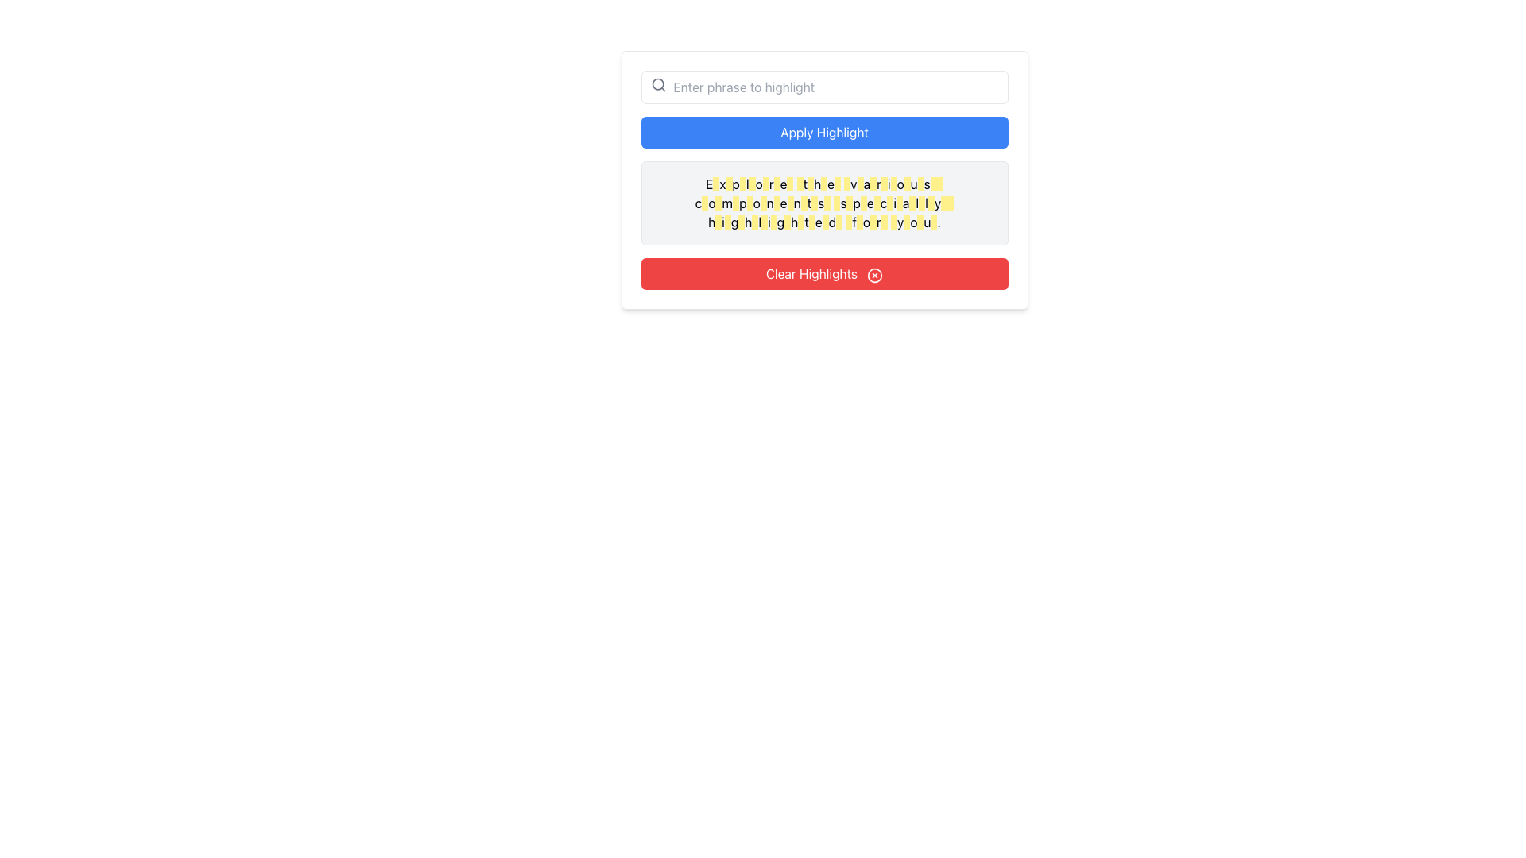 The image size is (1526, 858). What do you see at coordinates (765, 183) in the screenshot?
I see `the fifth small rectangular highlight marker in the first row of words inside the text box below the 'Apply Highlight' button to interact with the surrounding text area` at bounding box center [765, 183].